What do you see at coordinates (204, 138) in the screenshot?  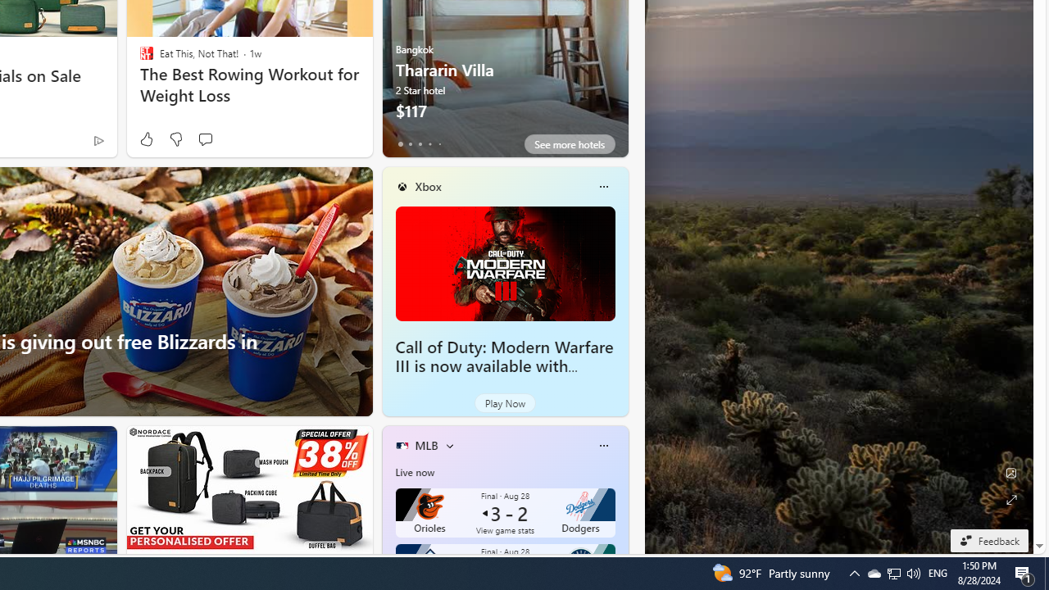 I see `'Start the conversation'` at bounding box center [204, 138].